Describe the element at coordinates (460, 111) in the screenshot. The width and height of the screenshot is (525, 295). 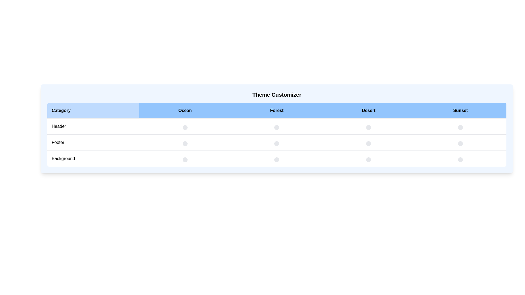
I see `the label component at the fifth position in the table header, which categorizes the content below it` at that location.